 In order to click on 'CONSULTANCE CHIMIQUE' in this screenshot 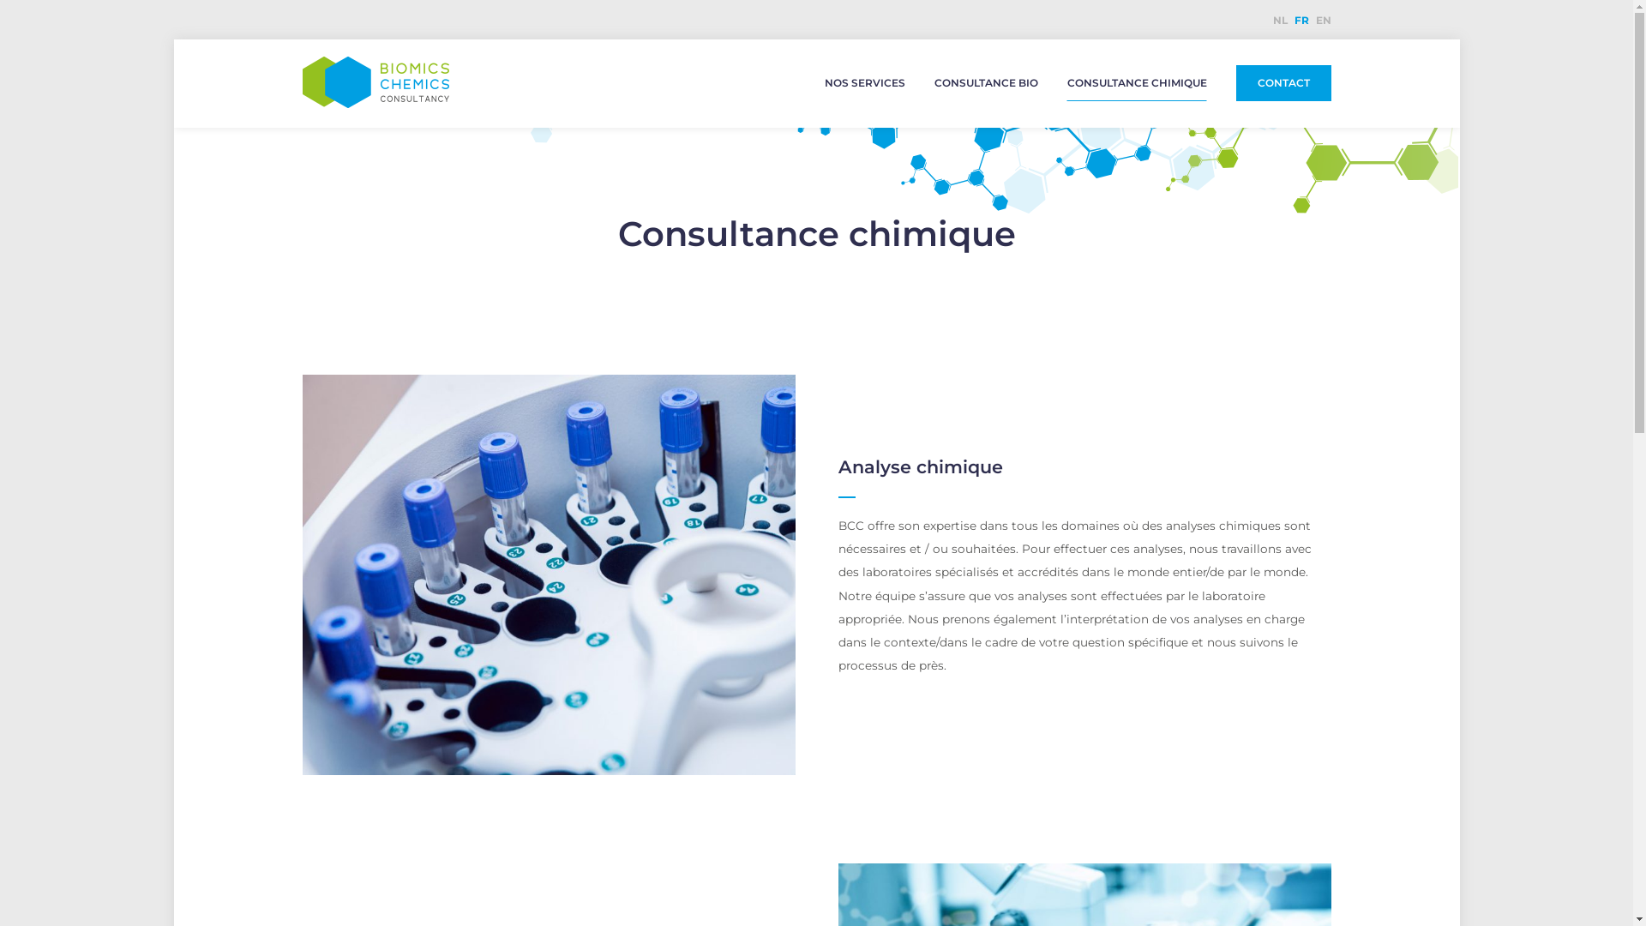, I will do `click(1136, 82)`.